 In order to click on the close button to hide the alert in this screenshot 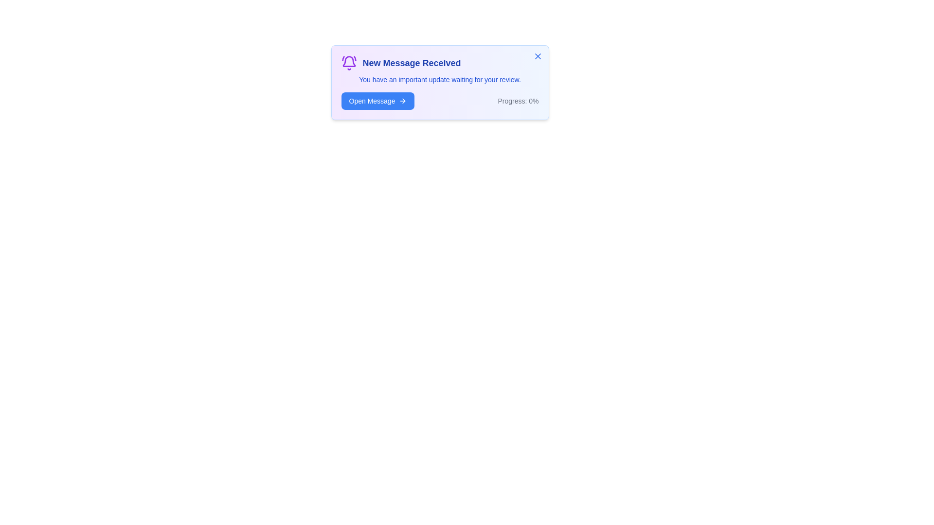, I will do `click(537, 56)`.